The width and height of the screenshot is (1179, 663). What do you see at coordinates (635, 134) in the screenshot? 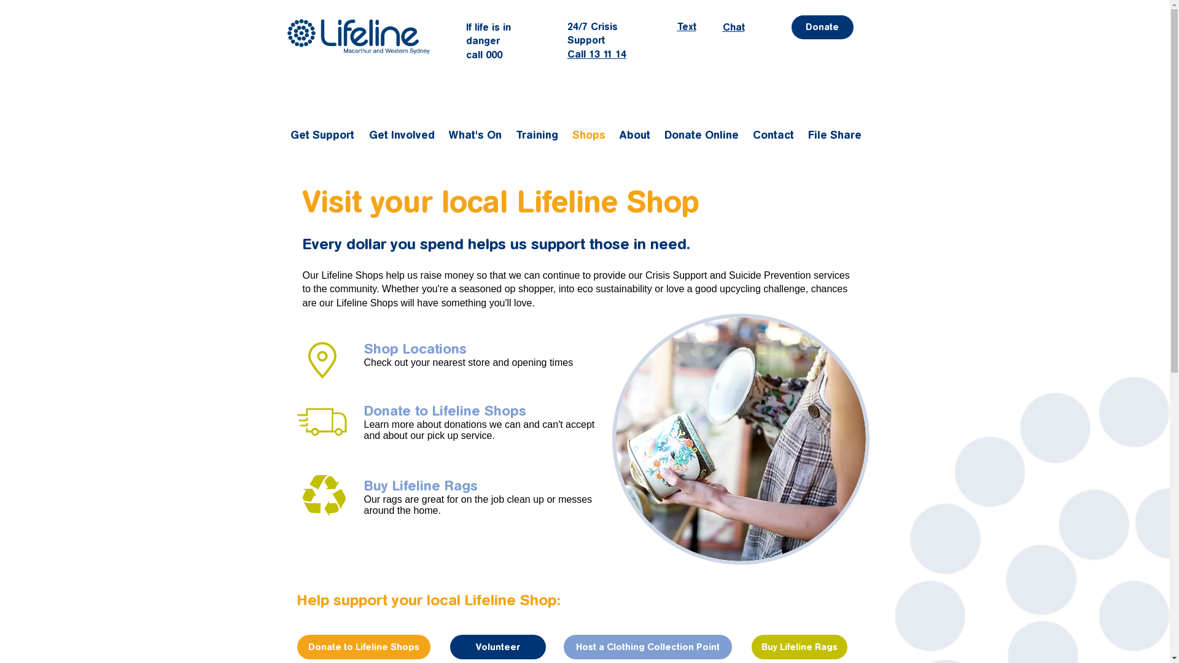
I see `'About'` at bounding box center [635, 134].